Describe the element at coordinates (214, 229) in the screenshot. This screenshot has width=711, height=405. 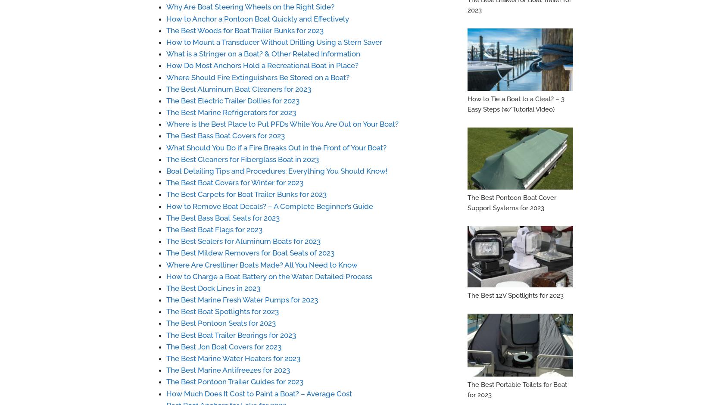
I see `'The Best Boat Flags for 2023'` at that location.